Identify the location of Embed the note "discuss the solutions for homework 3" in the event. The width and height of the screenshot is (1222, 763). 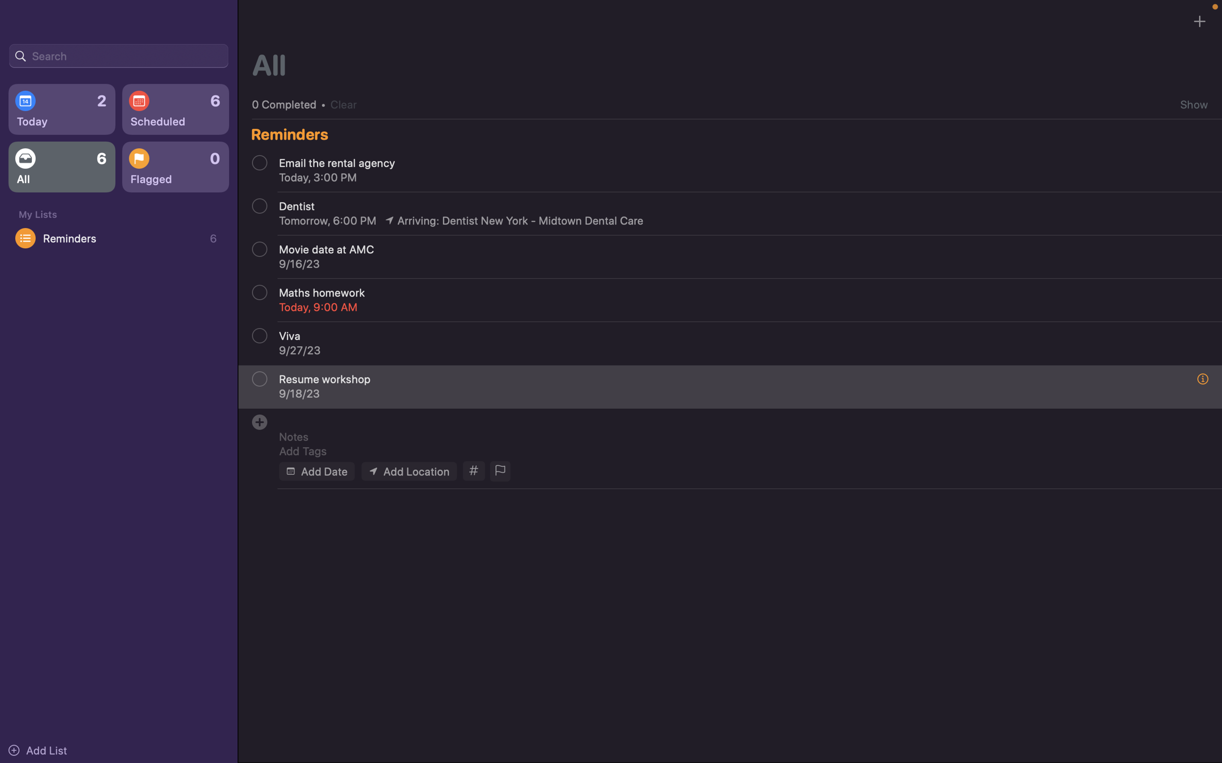
(736, 436).